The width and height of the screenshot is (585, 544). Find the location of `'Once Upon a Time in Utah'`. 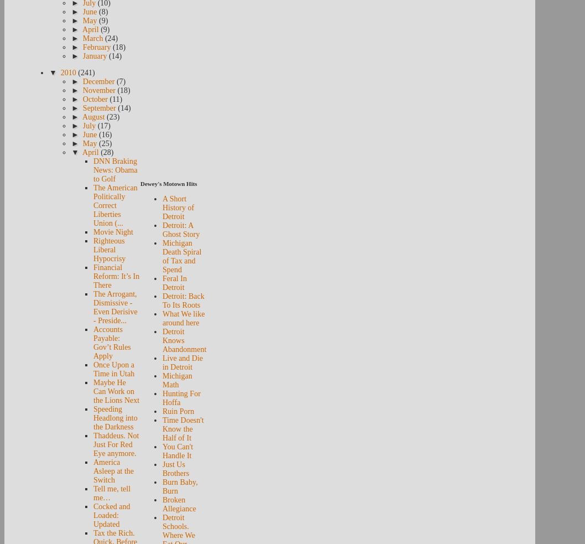

'Once Upon a Time in Utah' is located at coordinates (113, 369).